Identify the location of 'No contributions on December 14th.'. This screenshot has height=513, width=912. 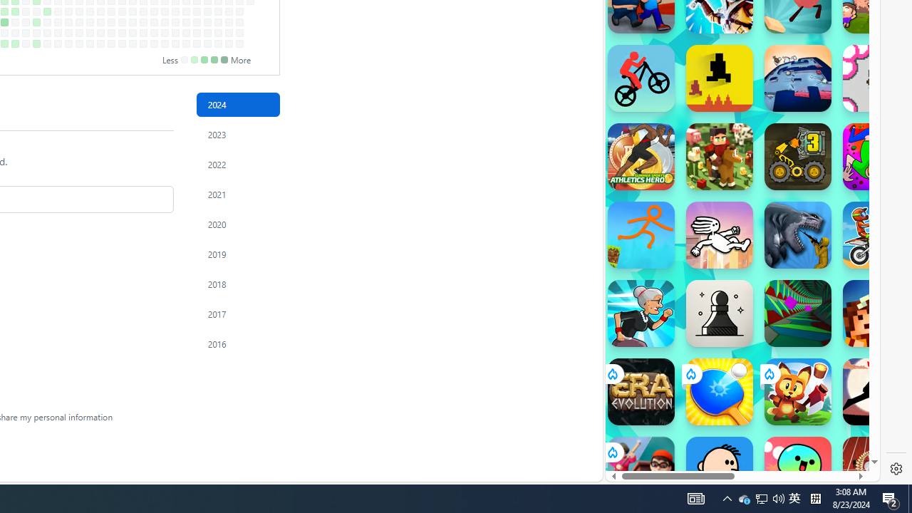
(217, 43).